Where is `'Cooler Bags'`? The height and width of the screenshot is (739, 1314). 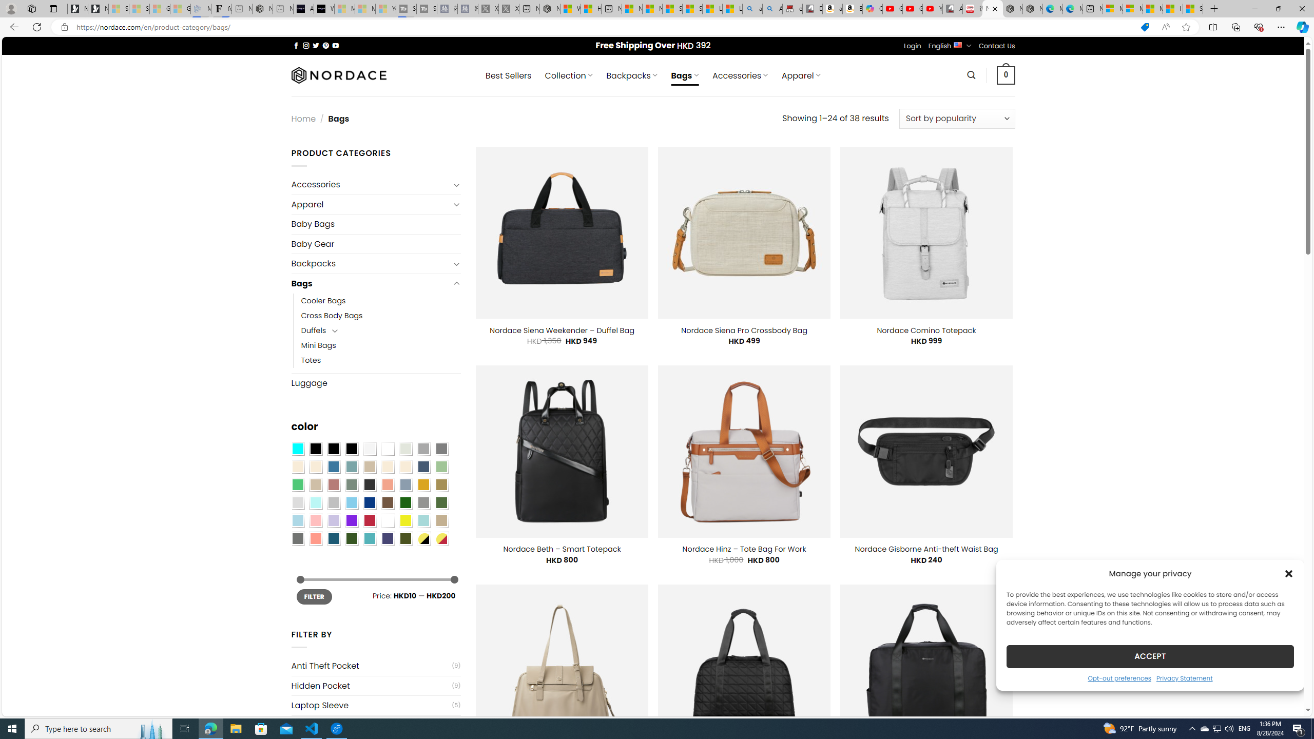 'Cooler Bags' is located at coordinates (380, 300).